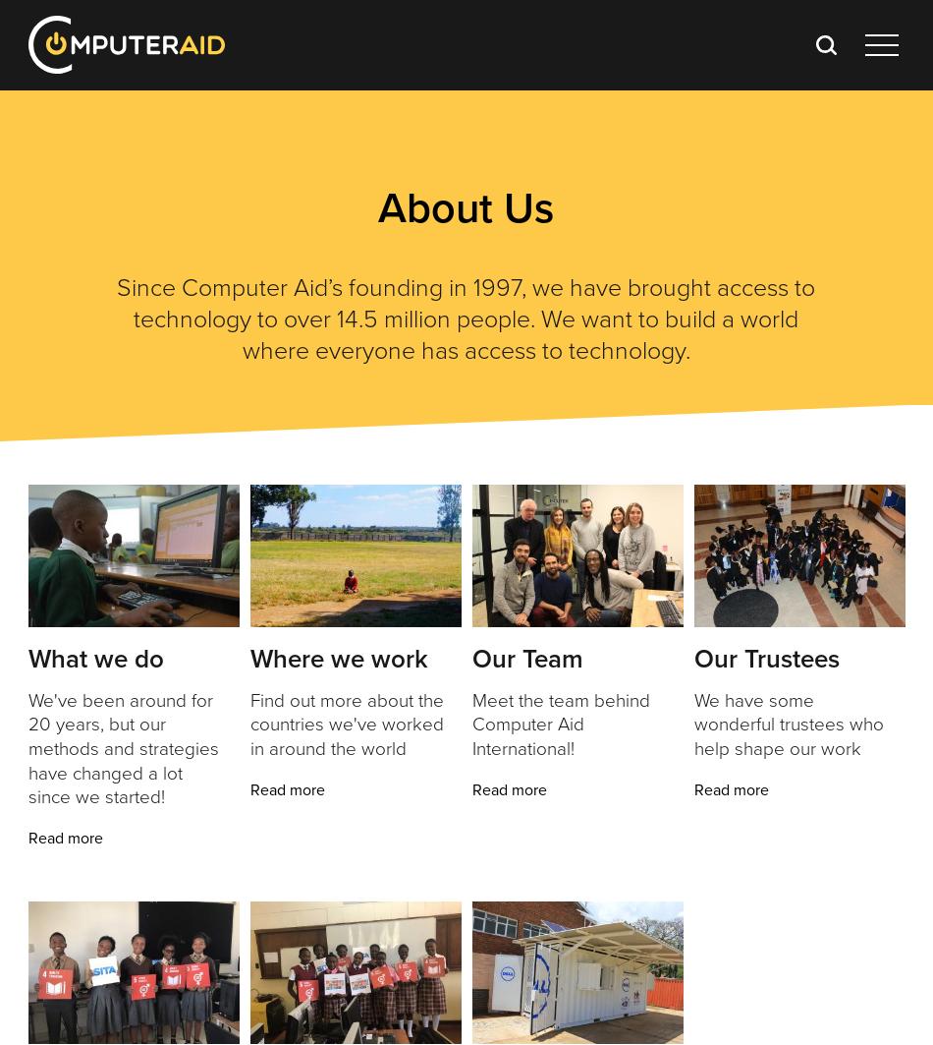 The height and width of the screenshot is (1045, 933). I want to click on 'We've been around for 20 years, but our methods and strategies have changed a lot since we started!', so click(27, 747).